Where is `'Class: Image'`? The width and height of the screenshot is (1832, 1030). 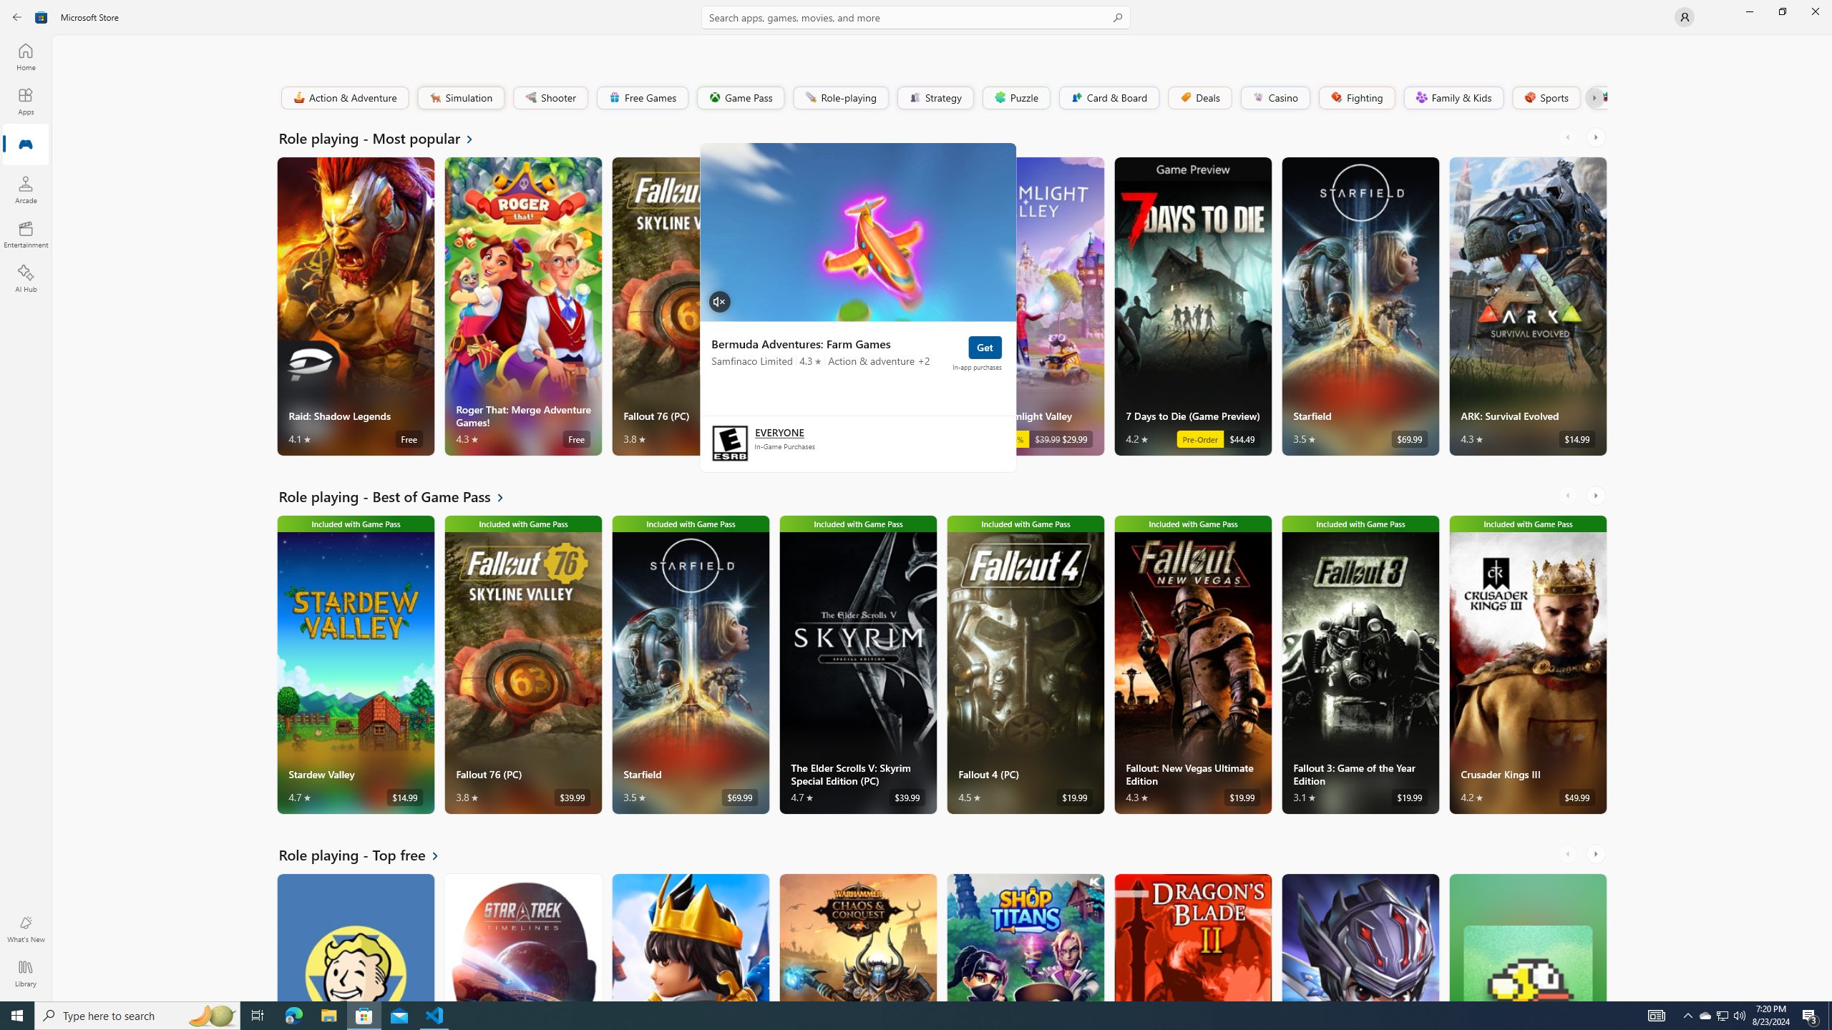 'Class: Image' is located at coordinates (1604, 97).